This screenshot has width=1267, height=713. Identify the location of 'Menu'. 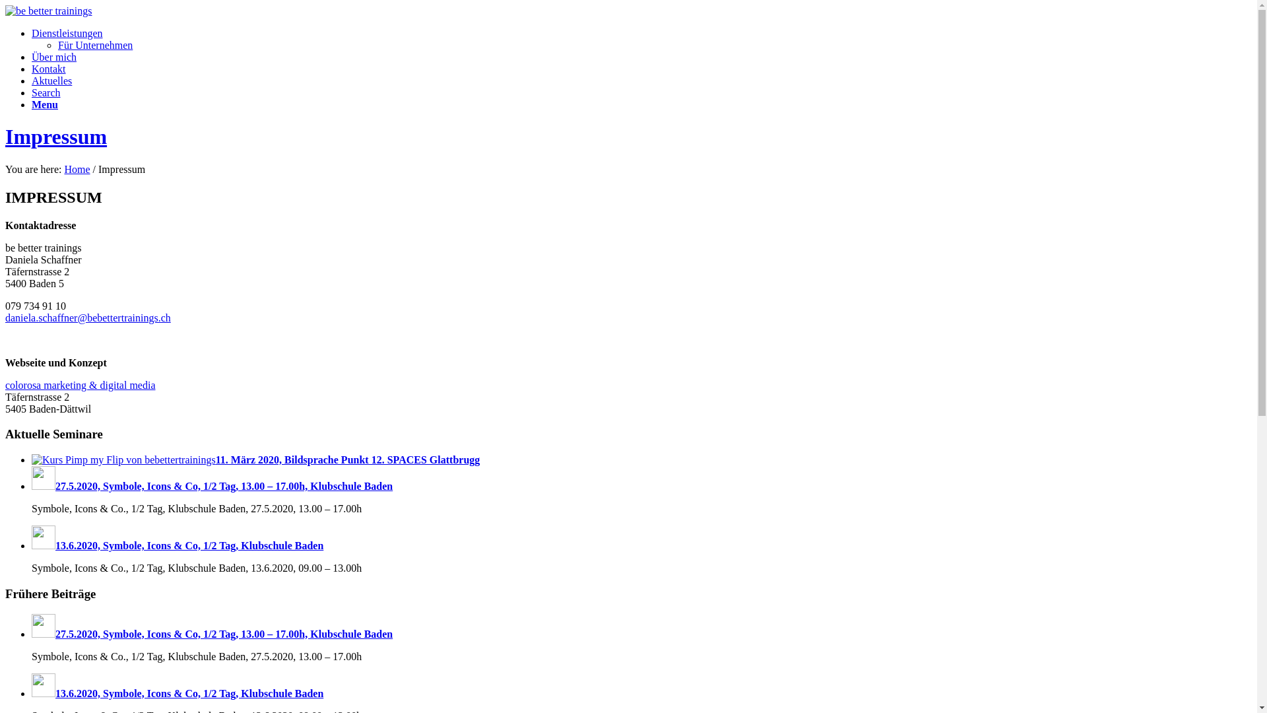
(44, 104).